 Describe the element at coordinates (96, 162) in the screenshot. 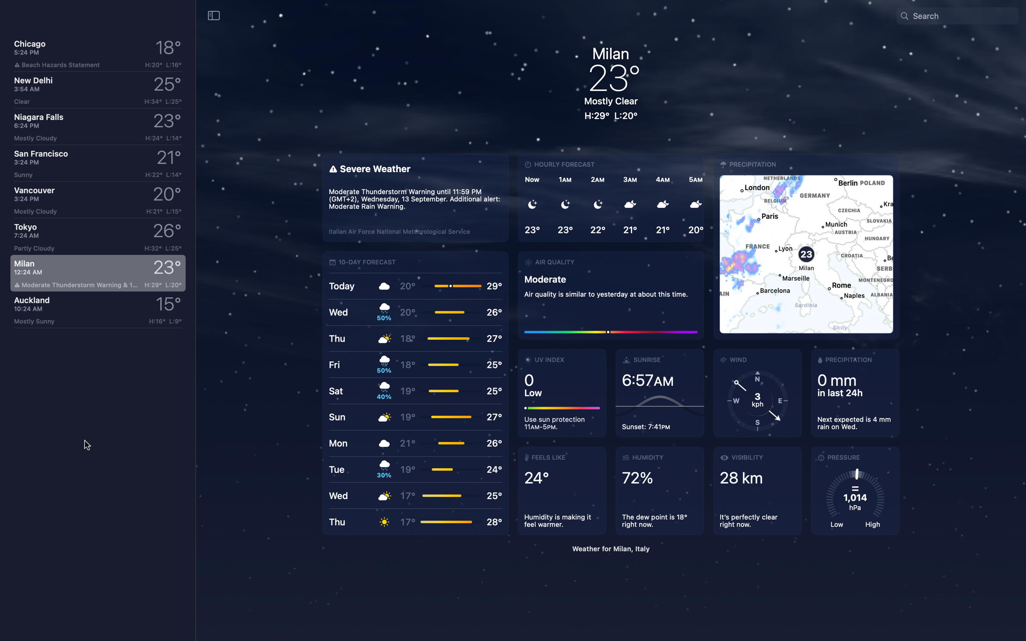

I see `Analyze San Francisco"s current weather conditions` at that location.